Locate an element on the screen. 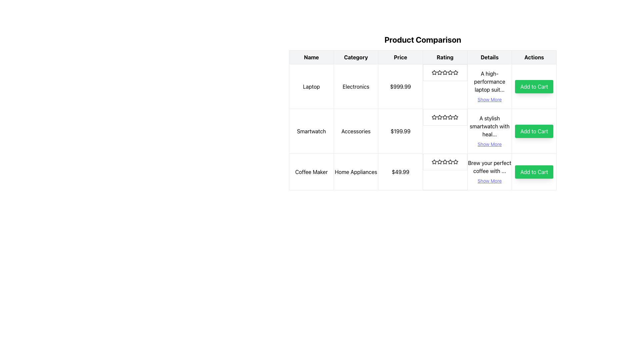  the 'Show More' link for the 'Coffee Maker' item is located at coordinates (489, 181).